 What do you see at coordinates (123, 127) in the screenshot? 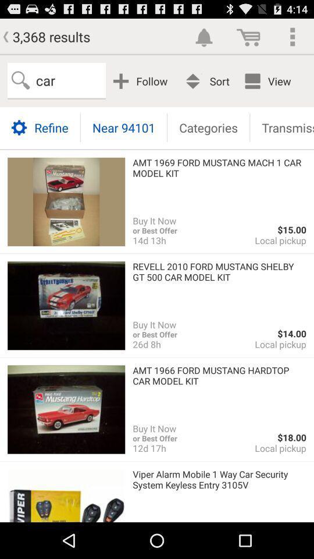
I see `near 94101 icon` at bounding box center [123, 127].